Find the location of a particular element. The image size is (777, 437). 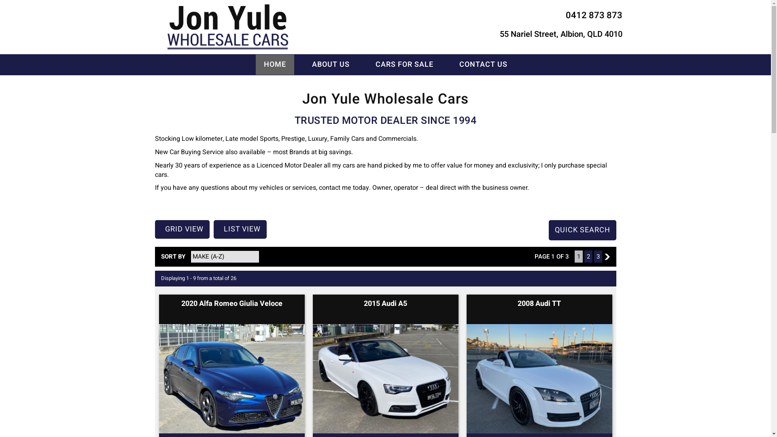

'1' is located at coordinates (578, 256).